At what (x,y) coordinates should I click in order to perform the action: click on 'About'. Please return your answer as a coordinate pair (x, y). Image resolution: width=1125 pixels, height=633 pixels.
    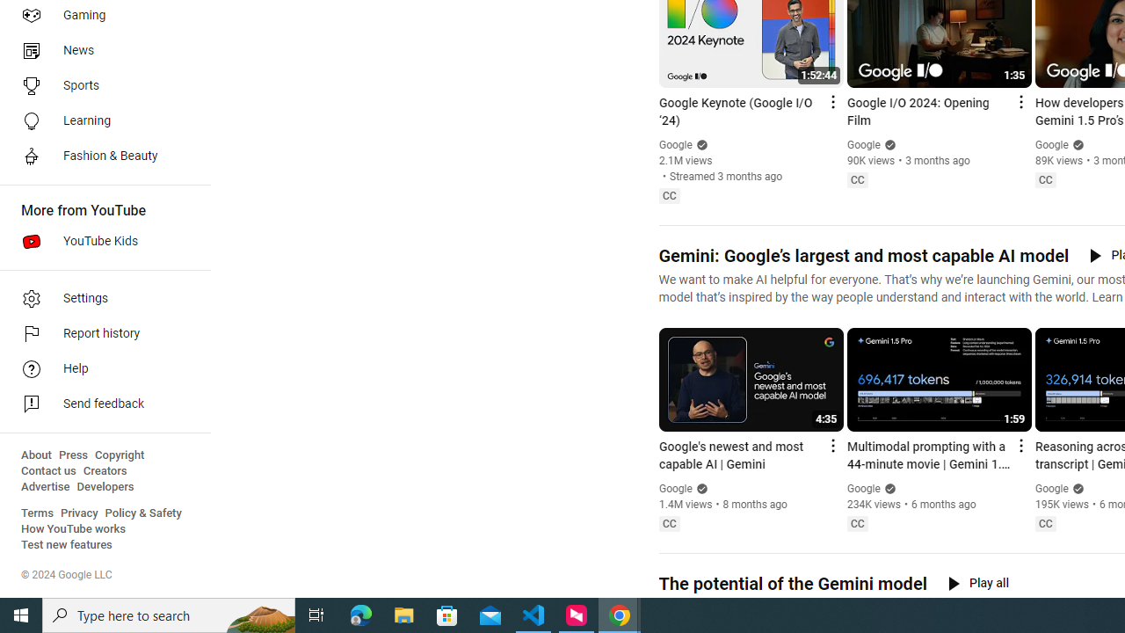
    Looking at the image, I should click on (36, 455).